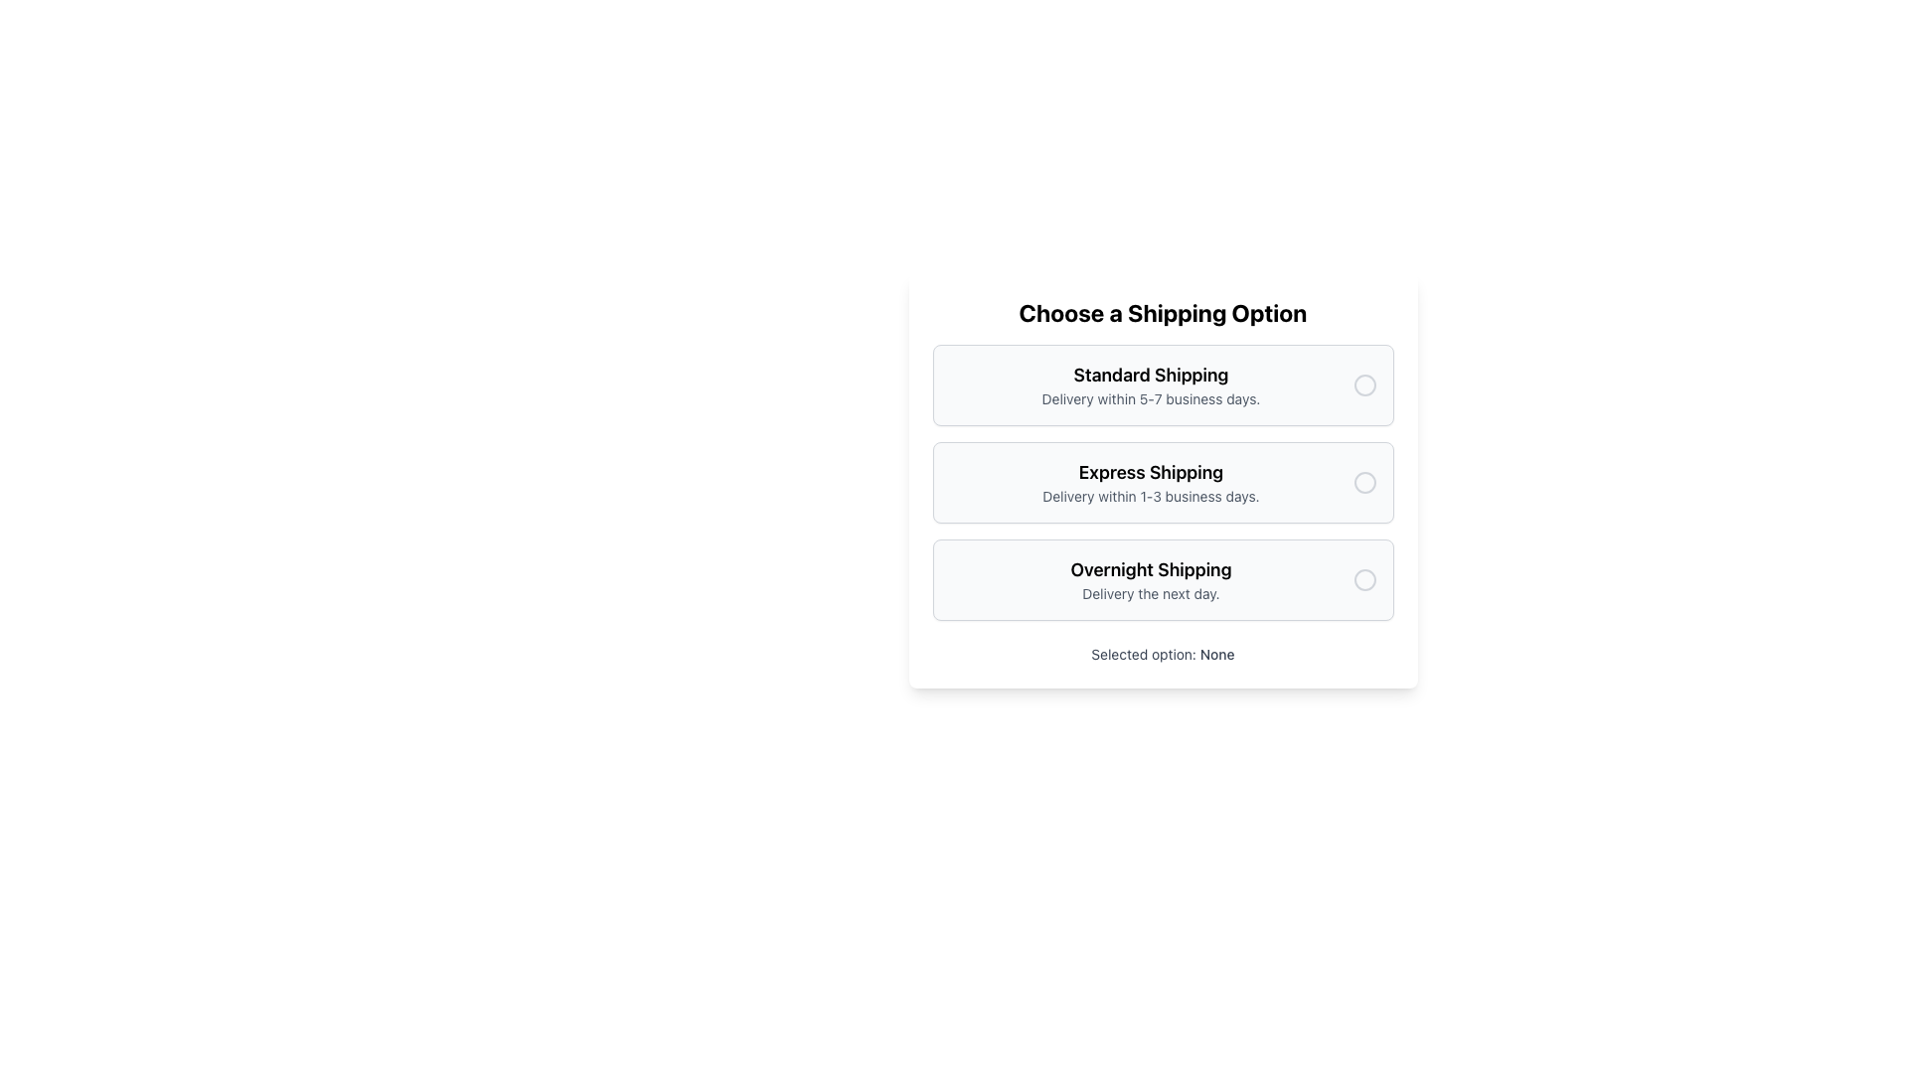 The height and width of the screenshot is (1073, 1908). What do you see at coordinates (1163, 655) in the screenshot?
I see `the Text label that indicates the currently selected shipping option, which is located below the last shipping option 'Overnight Shipping'` at bounding box center [1163, 655].